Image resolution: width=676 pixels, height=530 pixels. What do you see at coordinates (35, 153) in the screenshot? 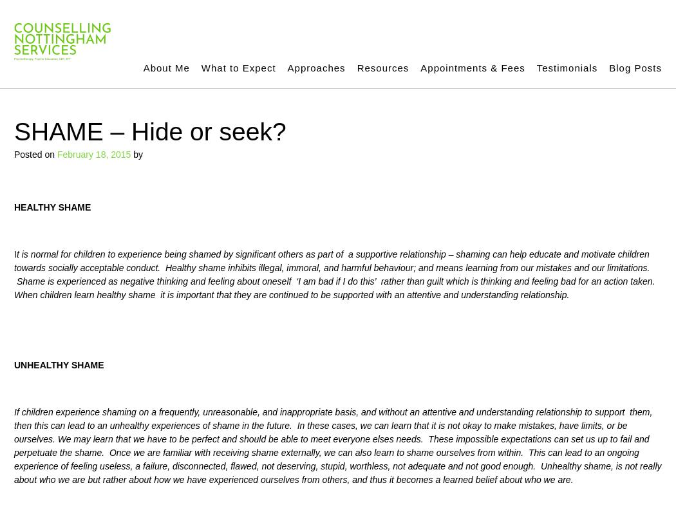
I see `'Posted on'` at bounding box center [35, 153].